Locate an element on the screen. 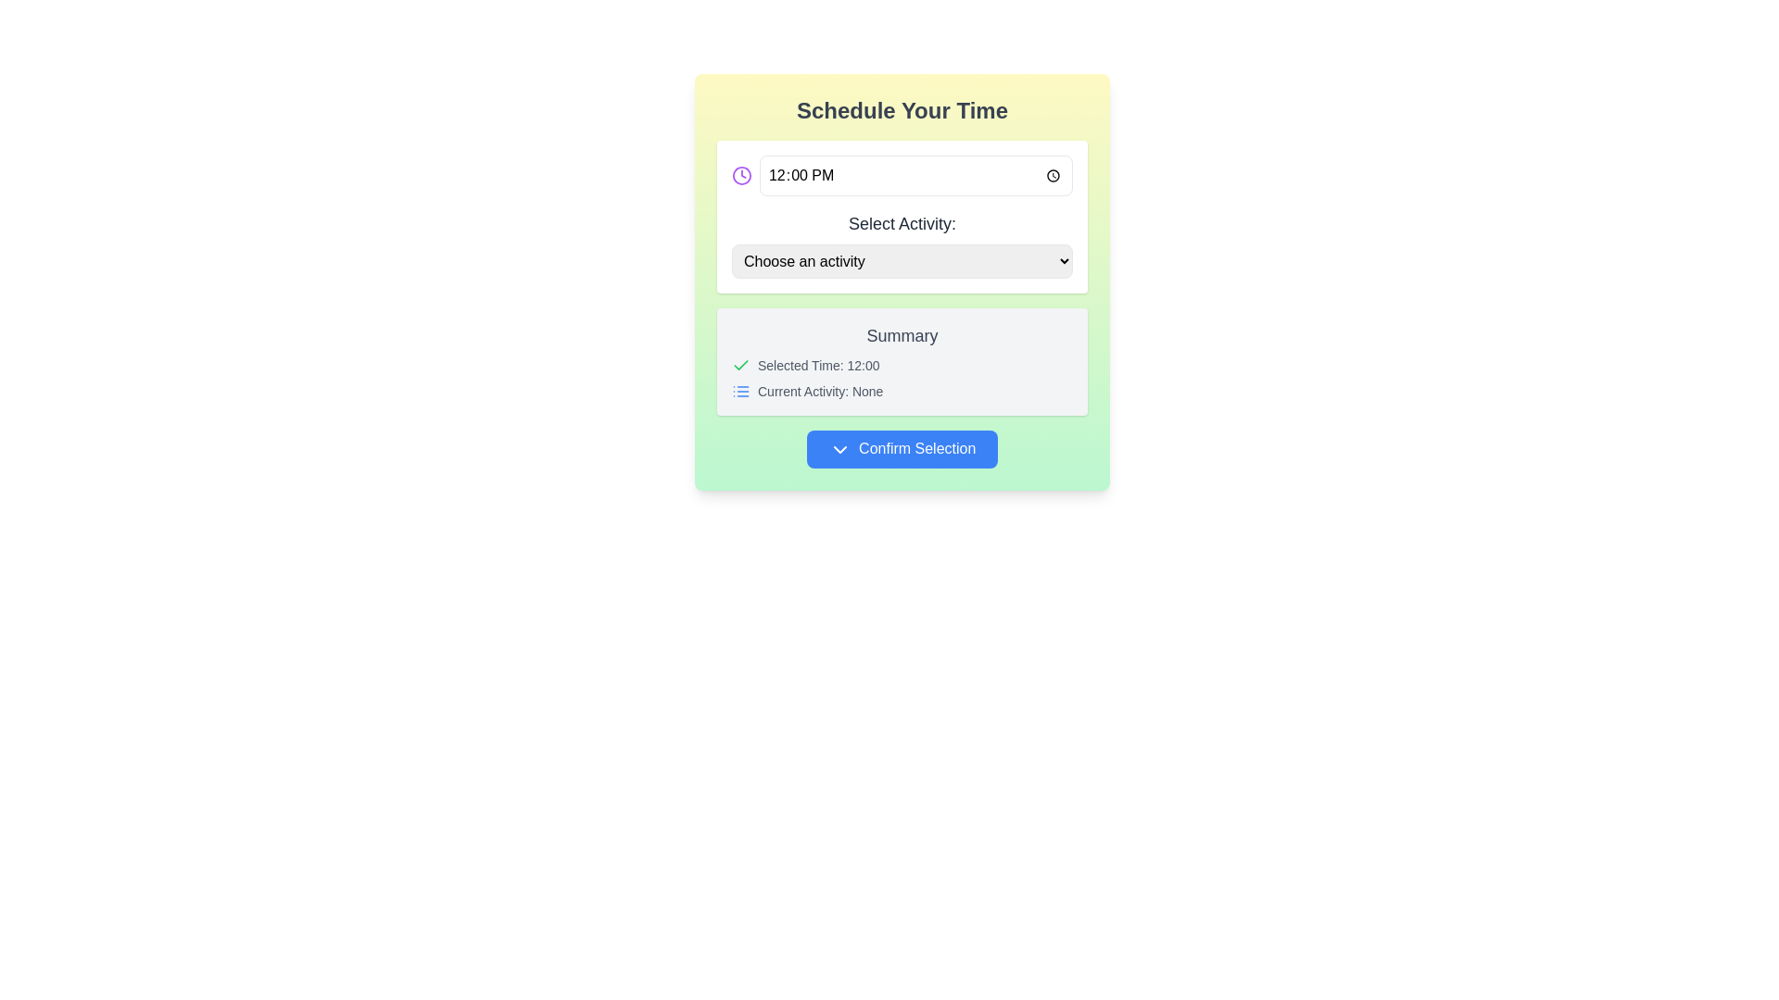 The height and width of the screenshot is (1000, 1779). the chevron-down icon located inside the blue 'Confirm Selection' button, positioned to the left of the button text is located at coordinates (839, 449).